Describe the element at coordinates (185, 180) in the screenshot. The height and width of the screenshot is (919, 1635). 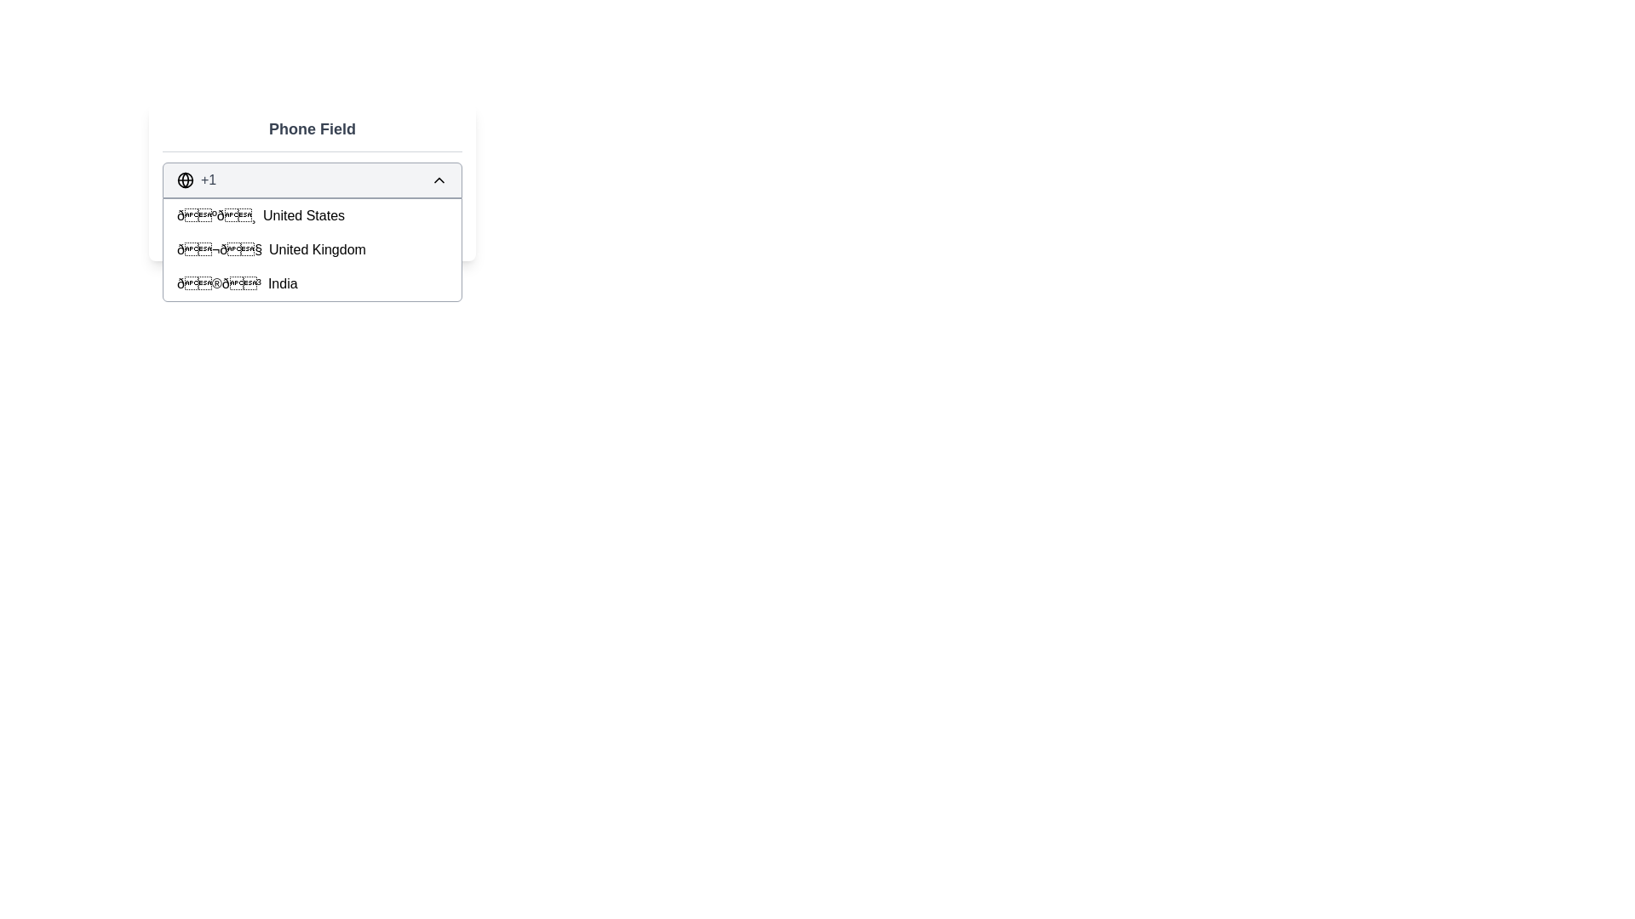
I see `the circular globe icon on the left side of the input field marked with a '+1' prefix to interact with it` at that location.